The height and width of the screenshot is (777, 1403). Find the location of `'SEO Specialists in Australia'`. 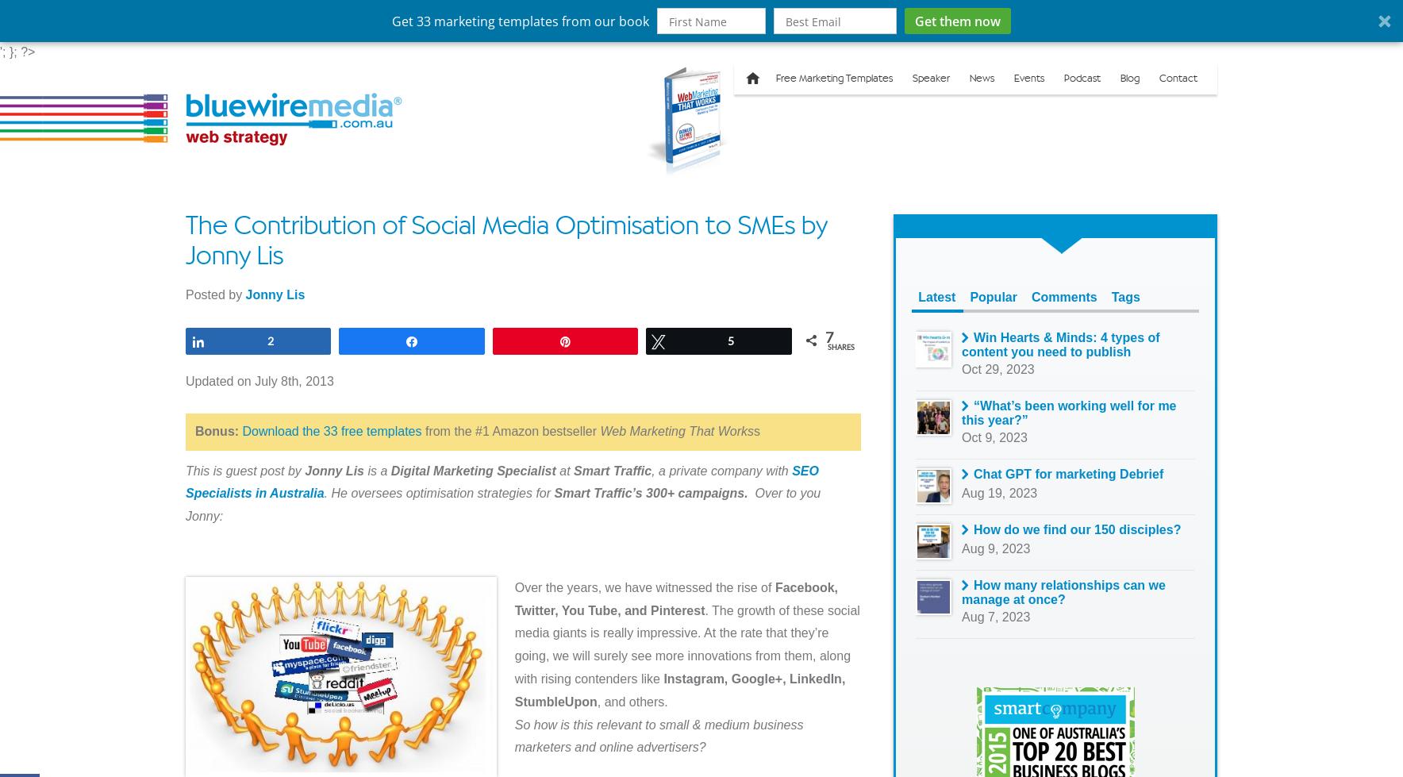

'SEO Specialists in Australia' is located at coordinates (501, 480).